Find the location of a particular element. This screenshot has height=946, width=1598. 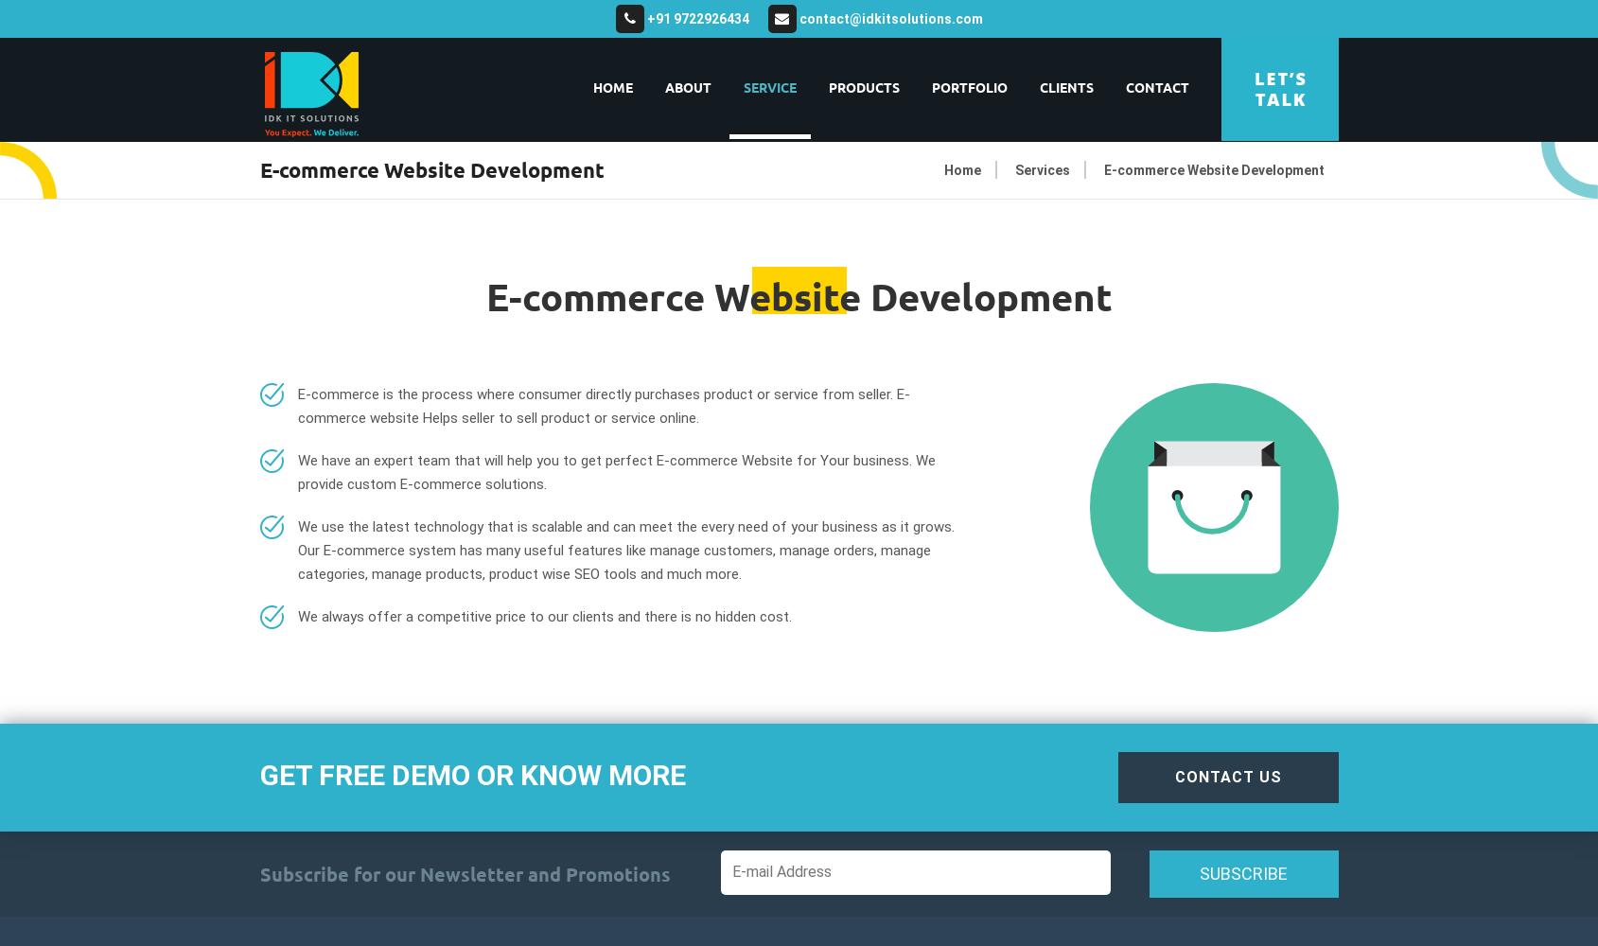

'Services' is located at coordinates (1042, 170).